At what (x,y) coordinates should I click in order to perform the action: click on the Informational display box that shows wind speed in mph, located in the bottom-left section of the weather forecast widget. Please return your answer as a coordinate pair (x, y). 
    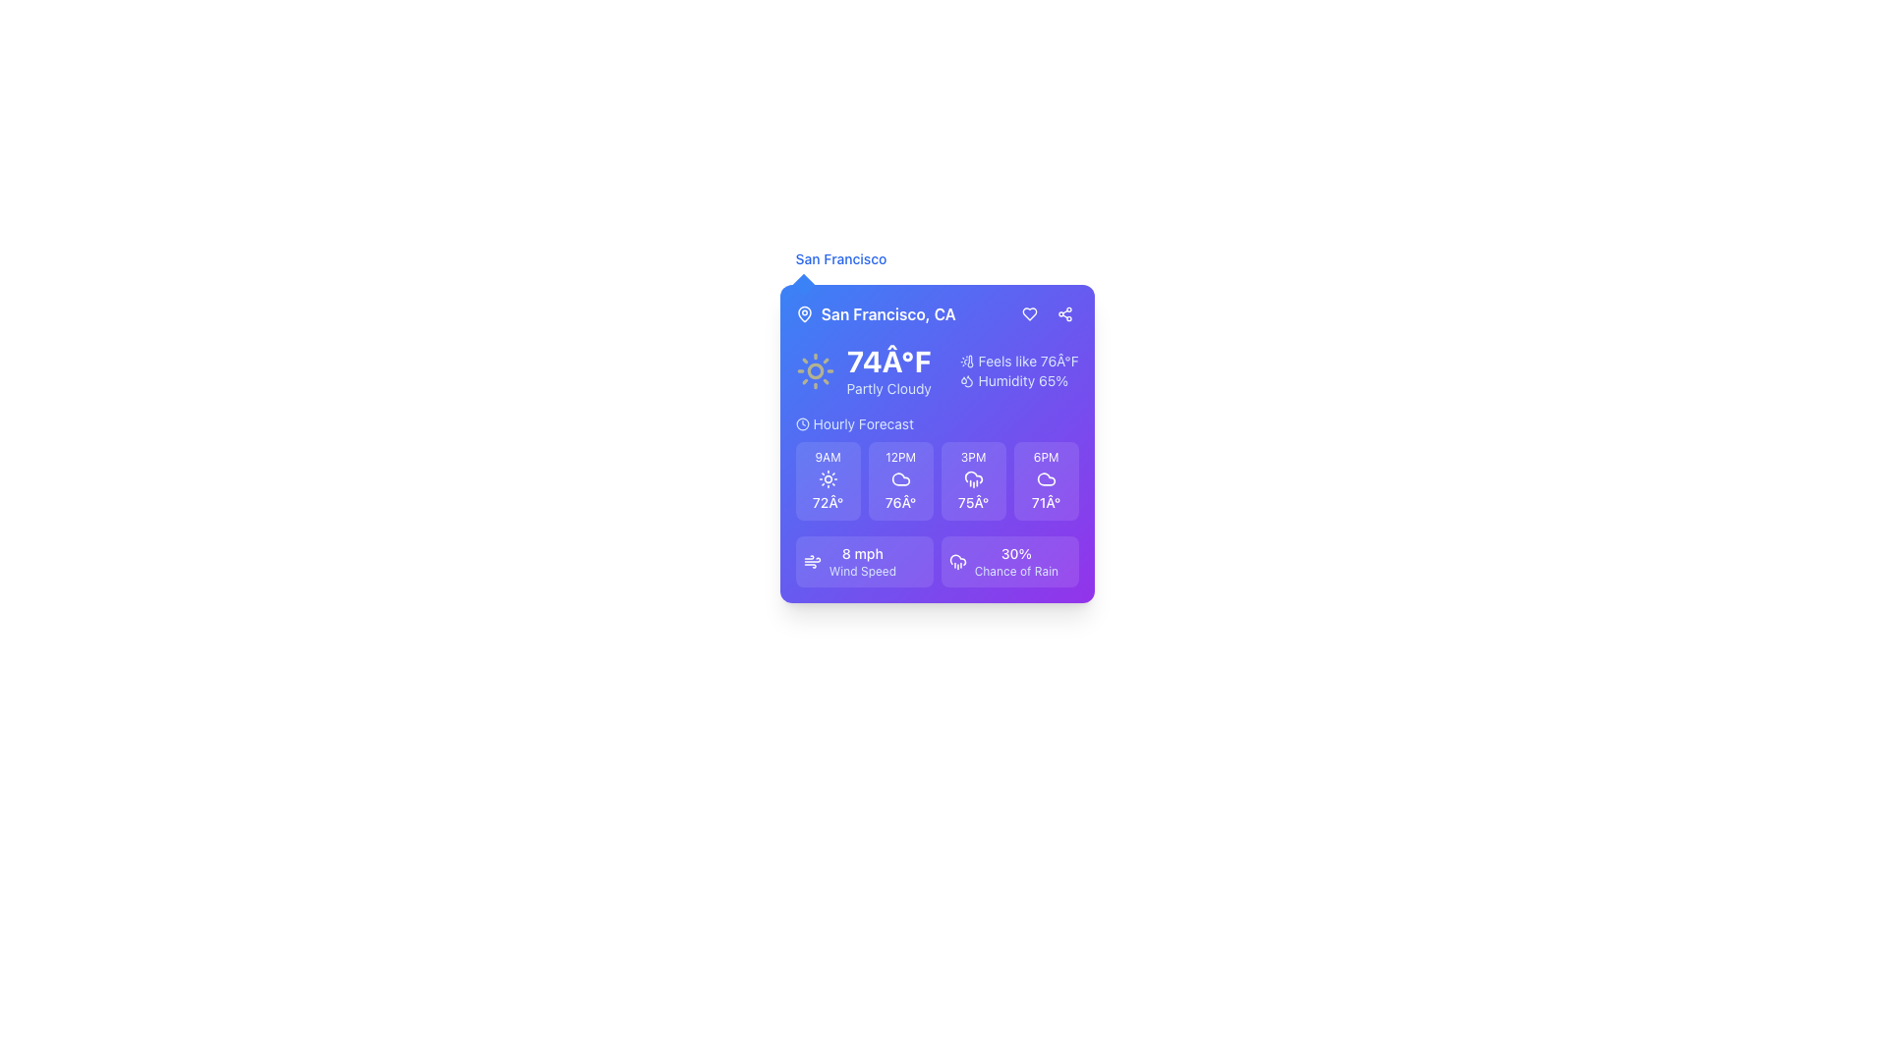
    Looking at the image, I should click on (864, 561).